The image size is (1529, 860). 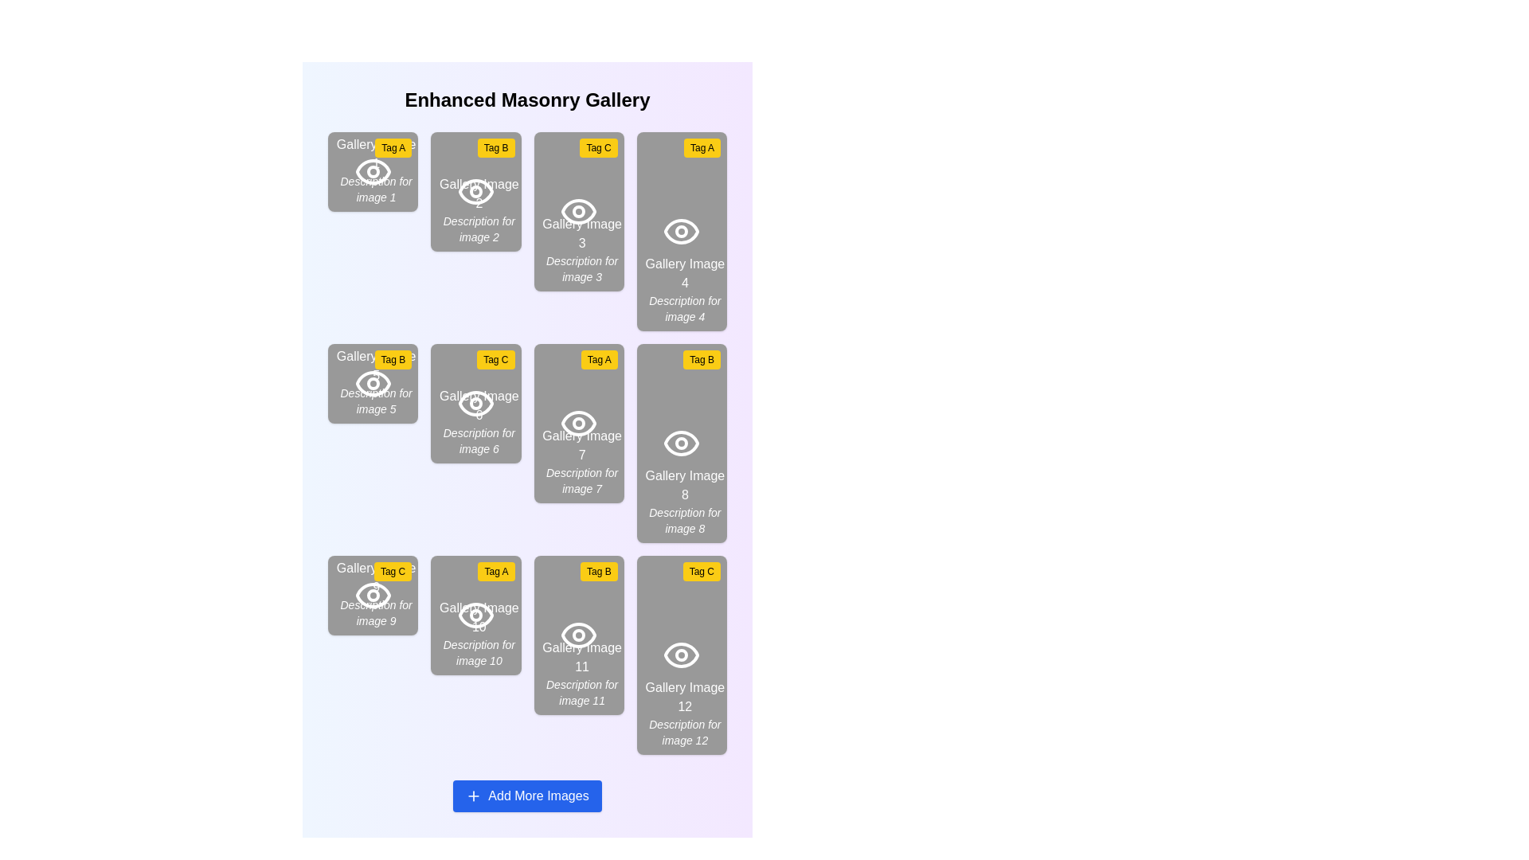 I want to click on text content of the Text Label that states 'Description for image 12.' positioned on a gray background under 'Gallery Image 12.', so click(x=685, y=733).